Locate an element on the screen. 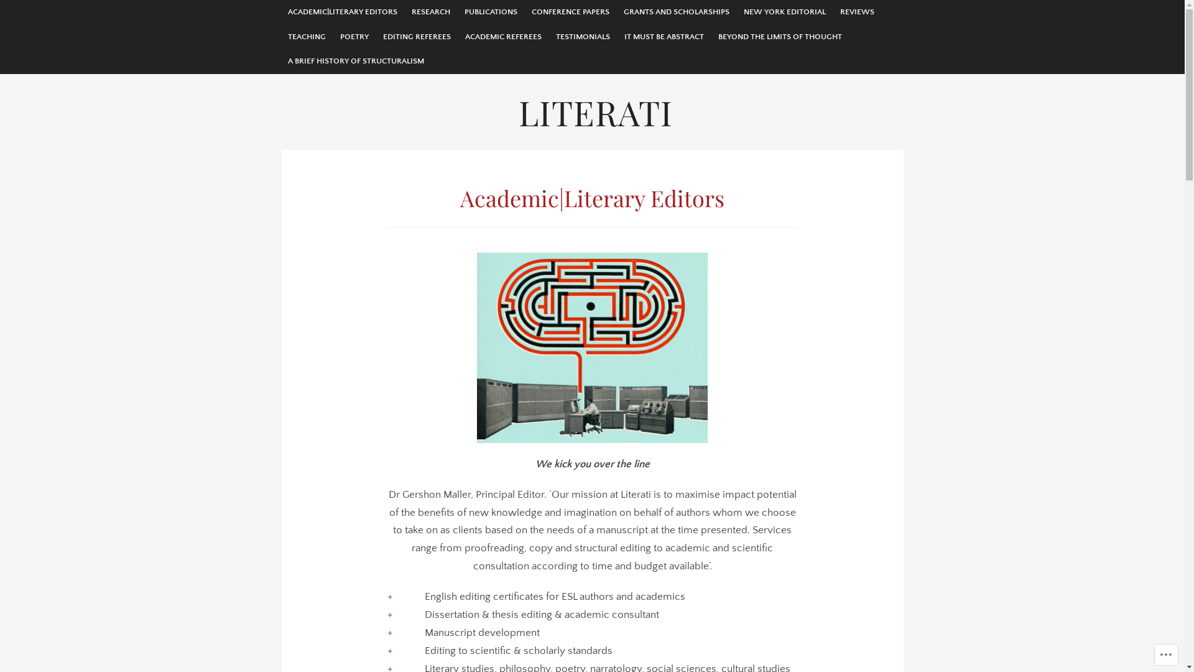 This screenshot has width=1194, height=672. 'PUBLICATIONS' is located at coordinates (463, 12).